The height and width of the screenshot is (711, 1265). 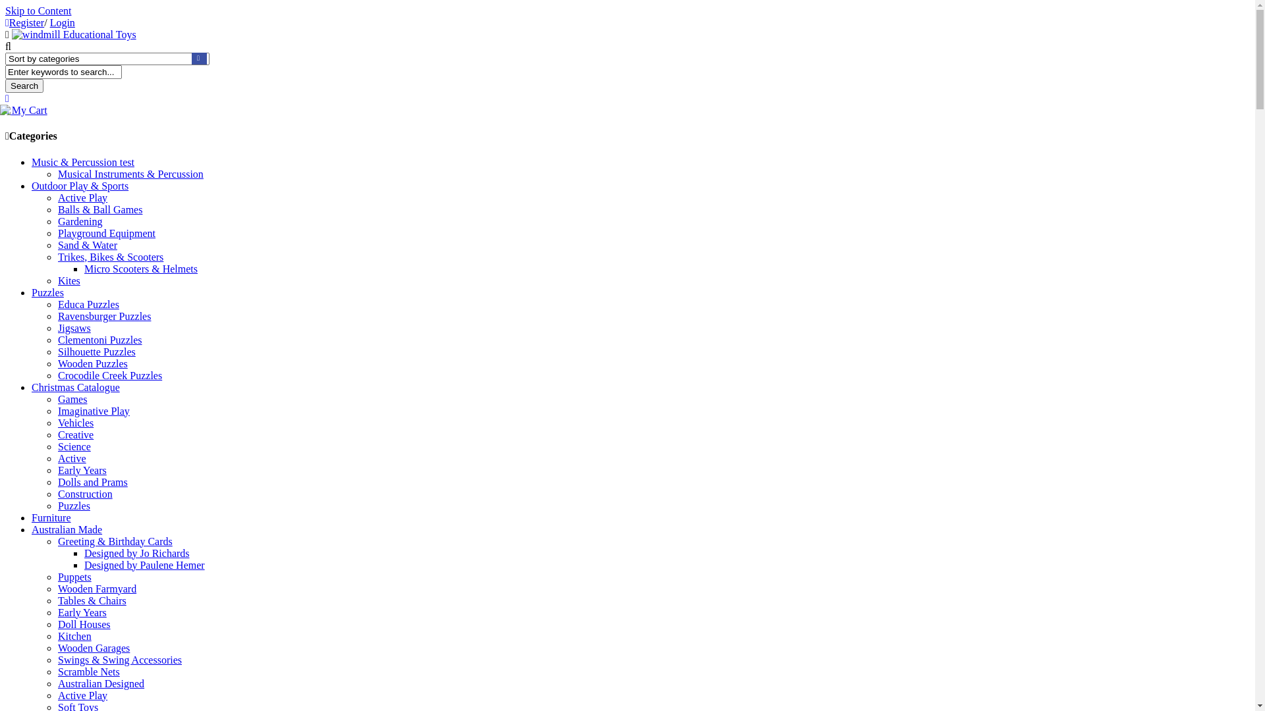 What do you see at coordinates (84, 268) in the screenshot?
I see `'Micro Scooters & Helmets'` at bounding box center [84, 268].